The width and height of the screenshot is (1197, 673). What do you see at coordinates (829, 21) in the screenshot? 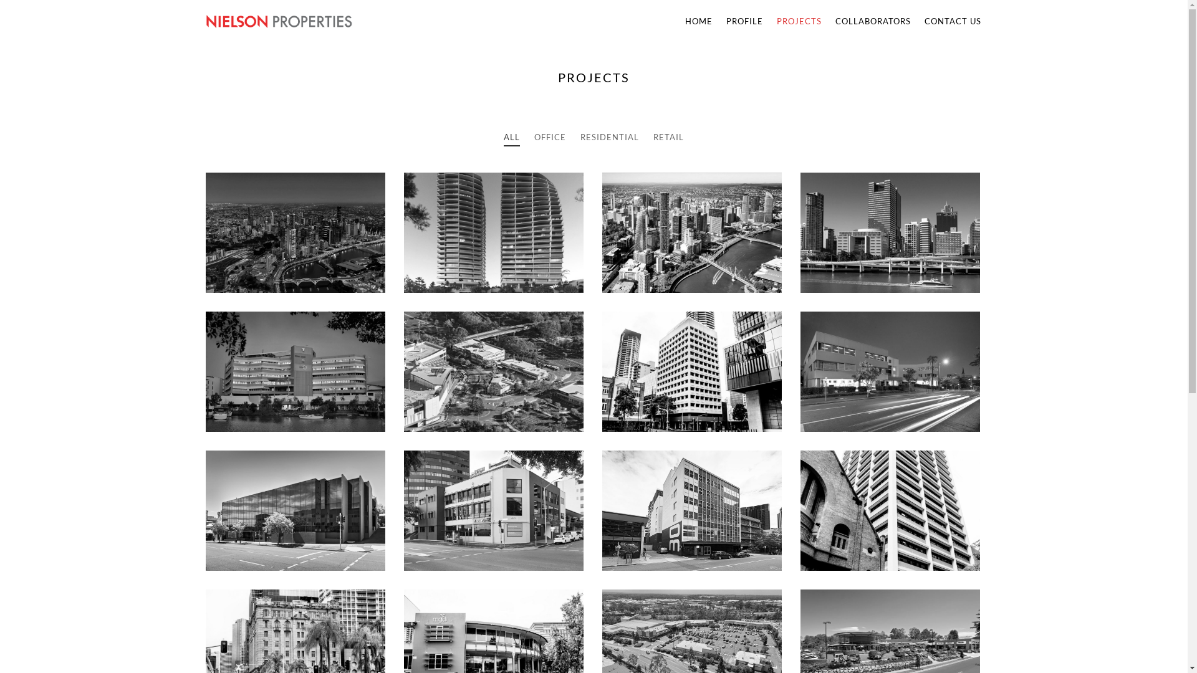
I see `'COLLABORATORS'` at bounding box center [829, 21].